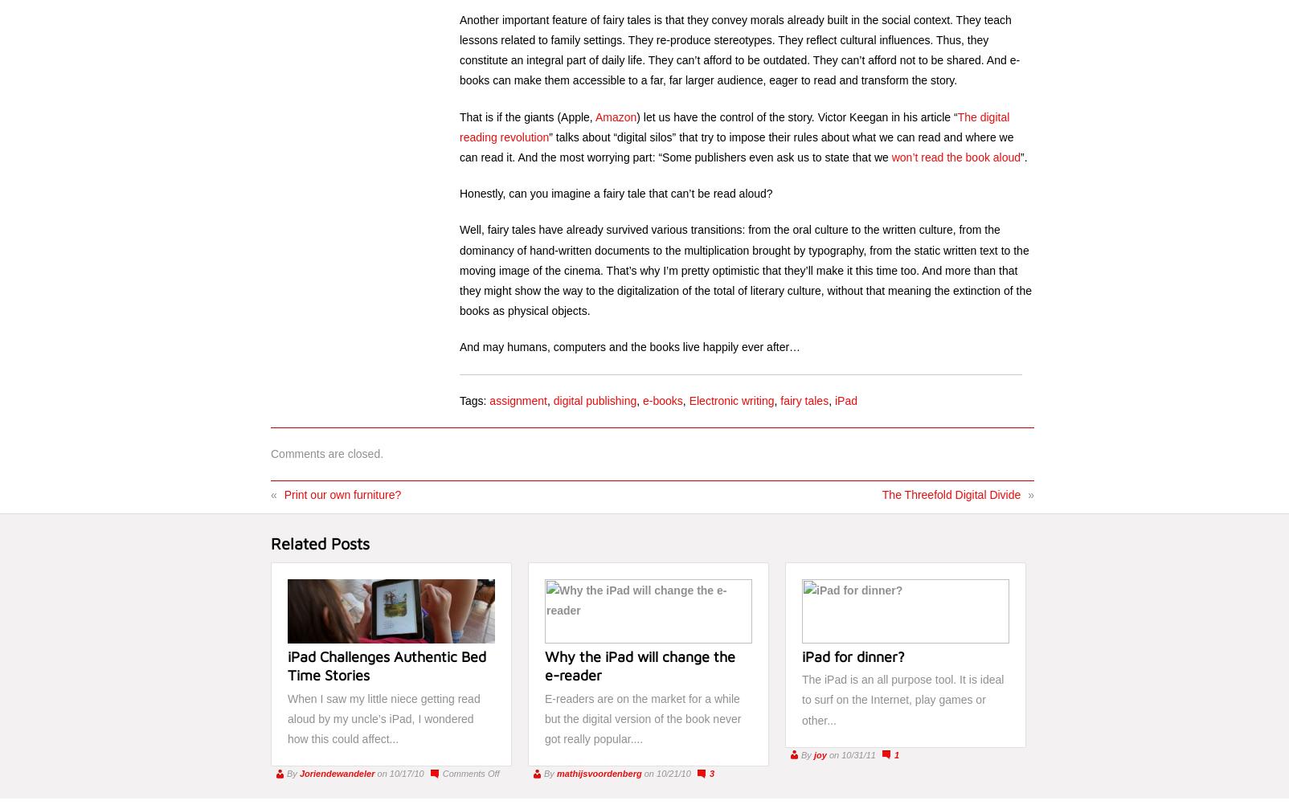  Describe the element at coordinates (897, 754) in the screenshot. I see `'1'` at that location.